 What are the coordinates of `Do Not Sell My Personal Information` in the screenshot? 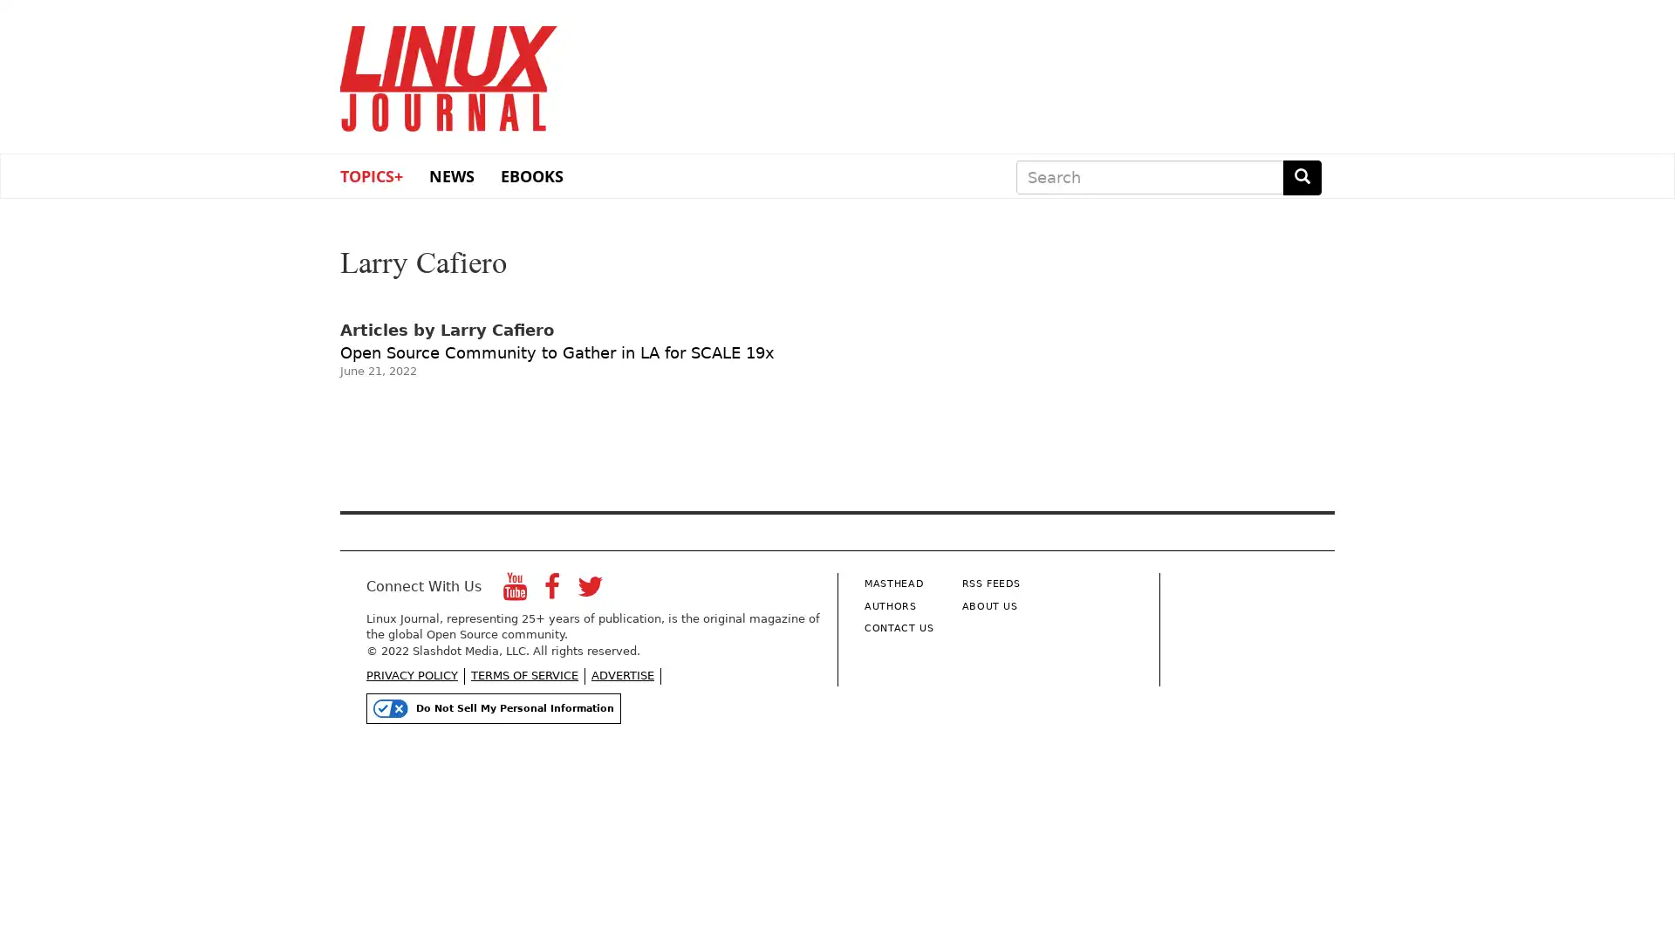 It's located at (493, 707).